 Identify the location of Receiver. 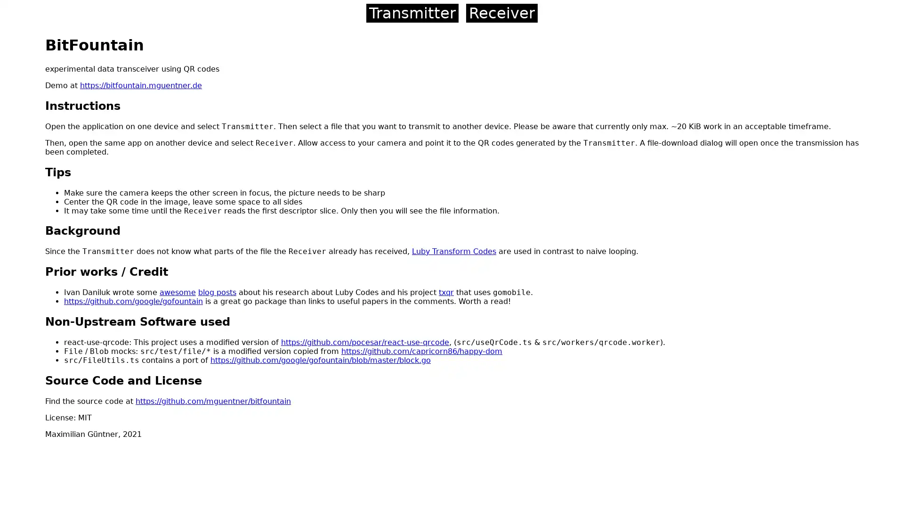
(501, 13).